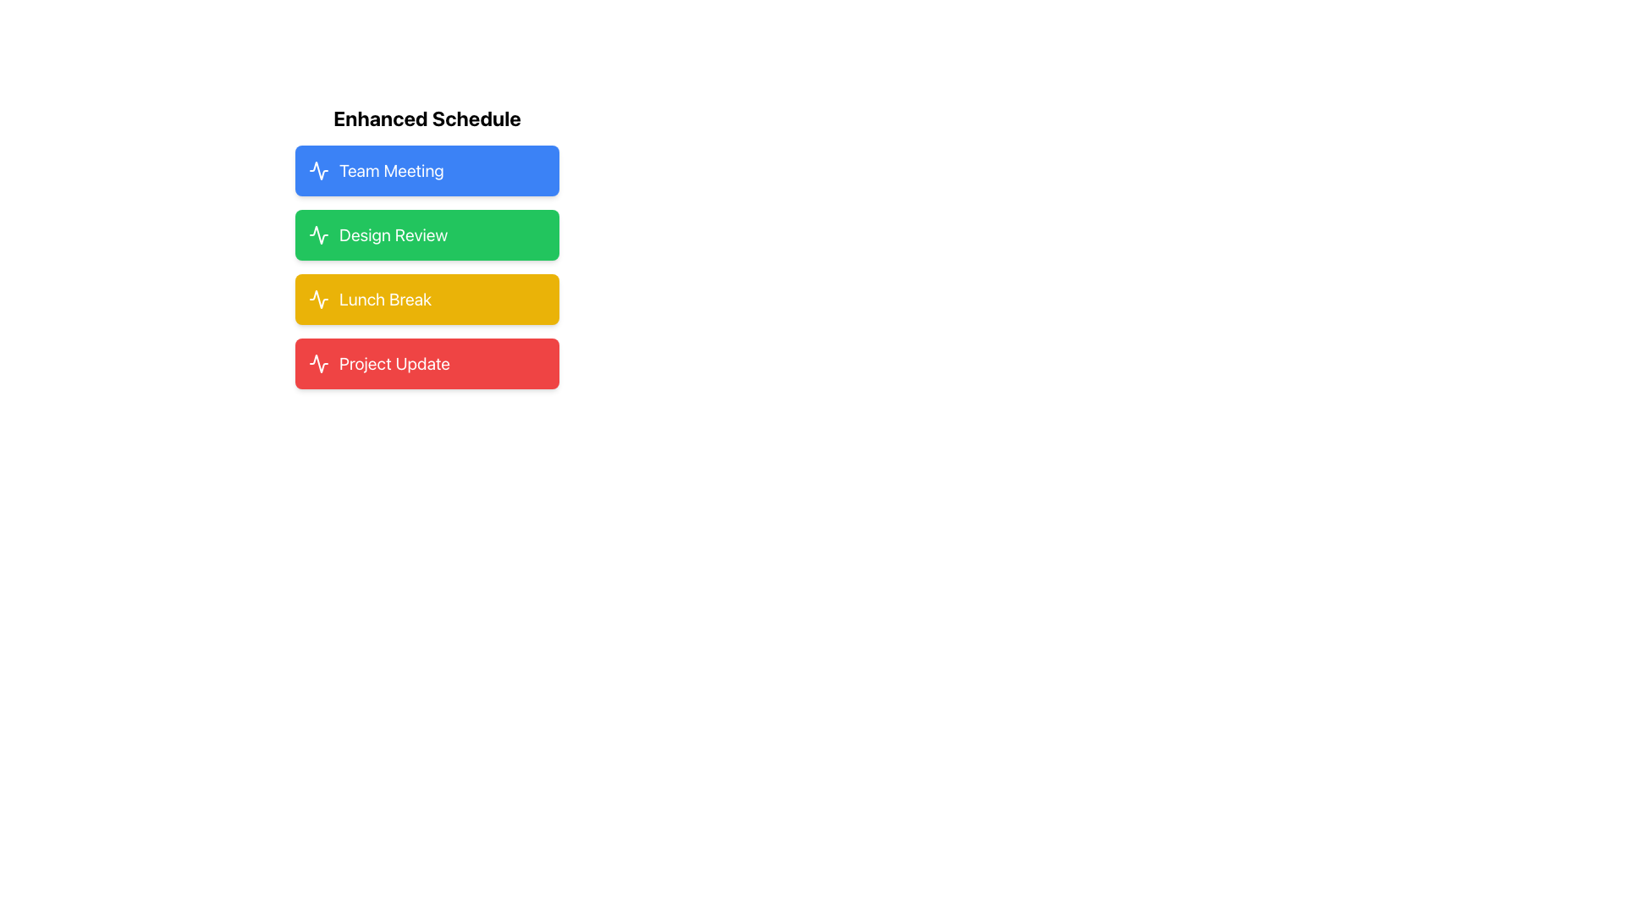  What do you see at coordinates (427, 267) in the screenshot?
I see `the 'Design Review' button located in the 'Enhanced Schedule' section, which is the second button in the list` at bounding box center [427, 267].